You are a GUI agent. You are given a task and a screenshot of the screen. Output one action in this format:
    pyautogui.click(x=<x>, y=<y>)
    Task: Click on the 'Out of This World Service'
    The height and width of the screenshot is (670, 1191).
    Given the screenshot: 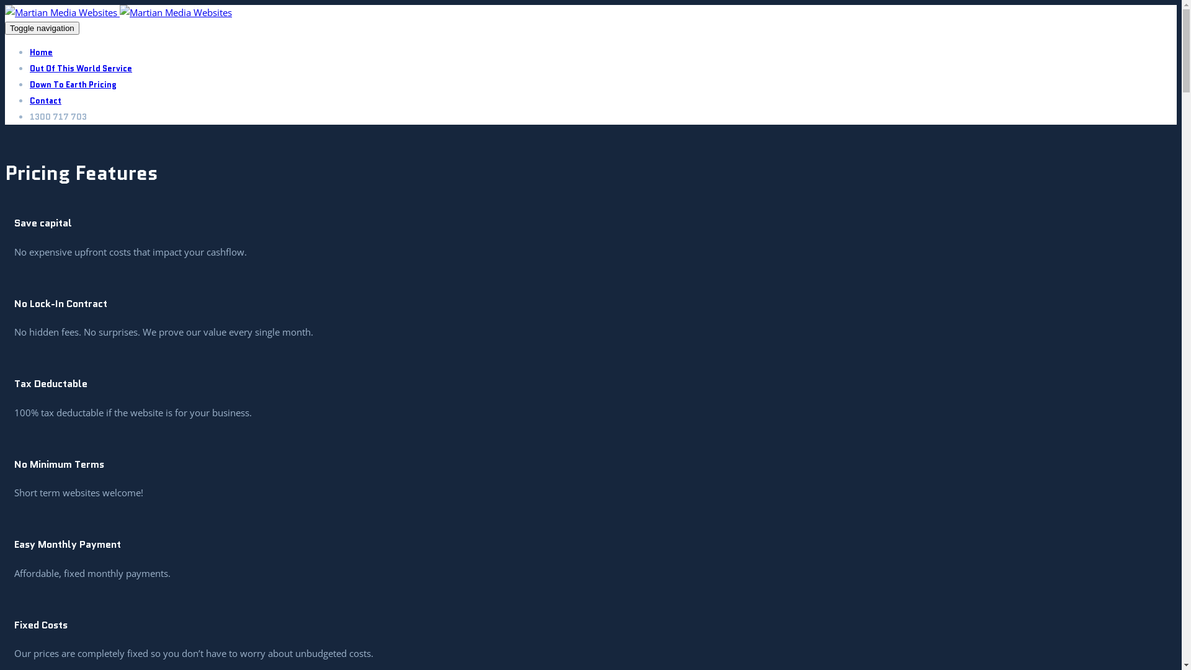 What is the action you would take?
    pyautogui.click(x=60, y=12)
    